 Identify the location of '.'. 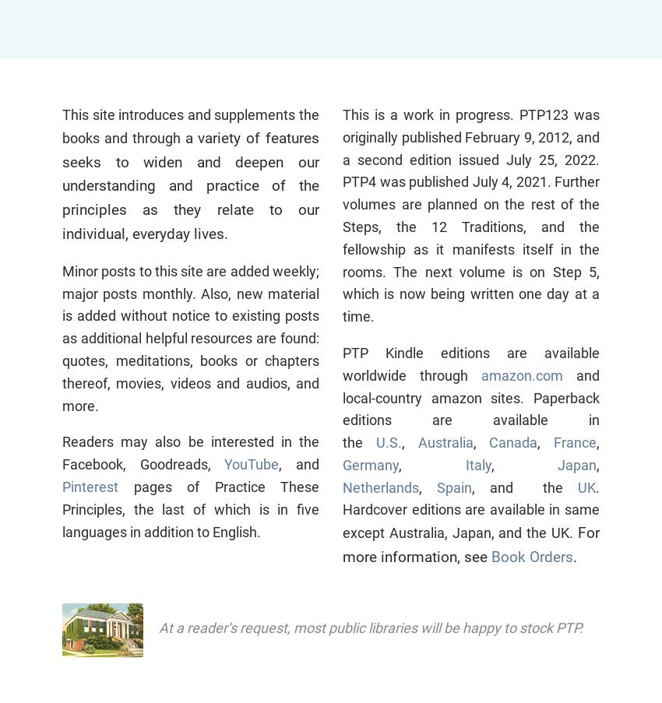
(575, 557).